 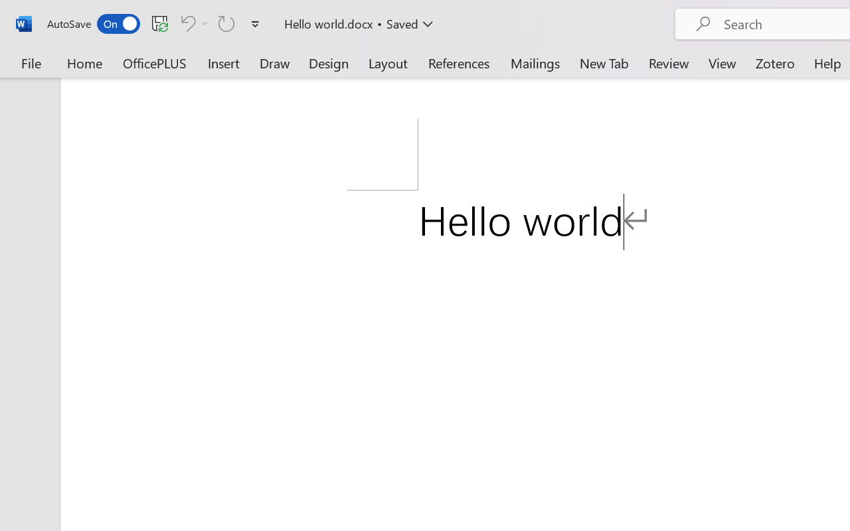 What do you see at coordinates (329, 62) in the screenshot?
I see `'Design'` at bounding box center [329, 62].